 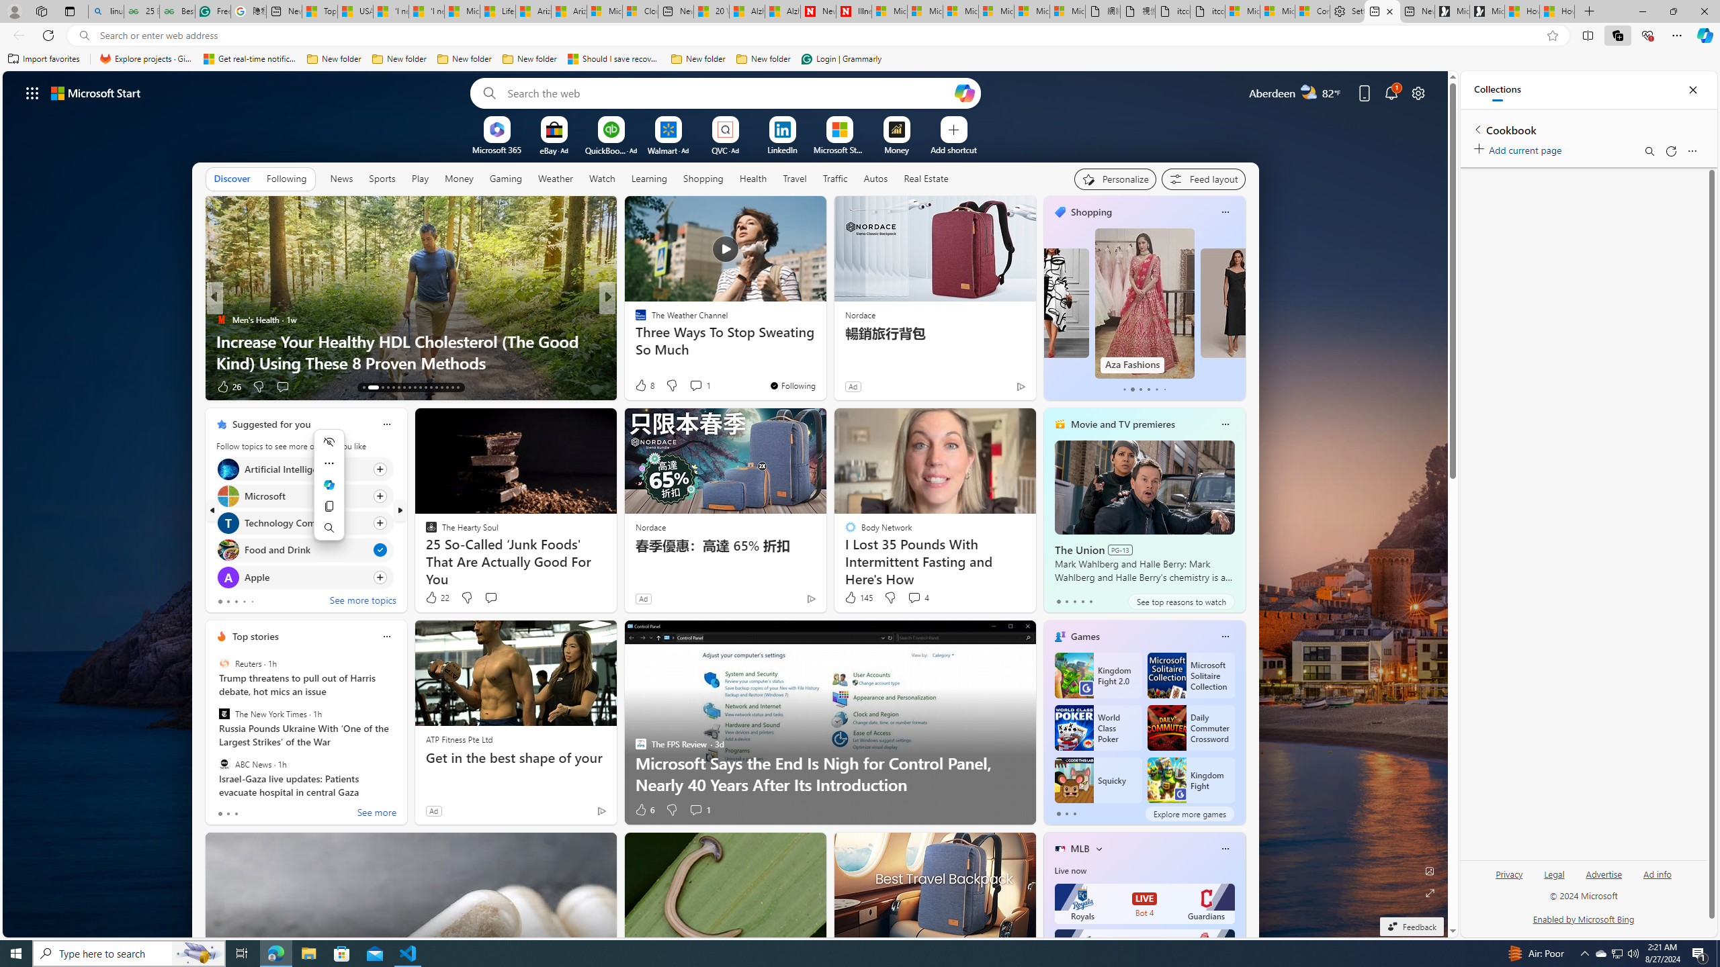 I want to click on '20 Ways to Boost Your Protein Intake at Every Meal', so click(x=710, y=11).